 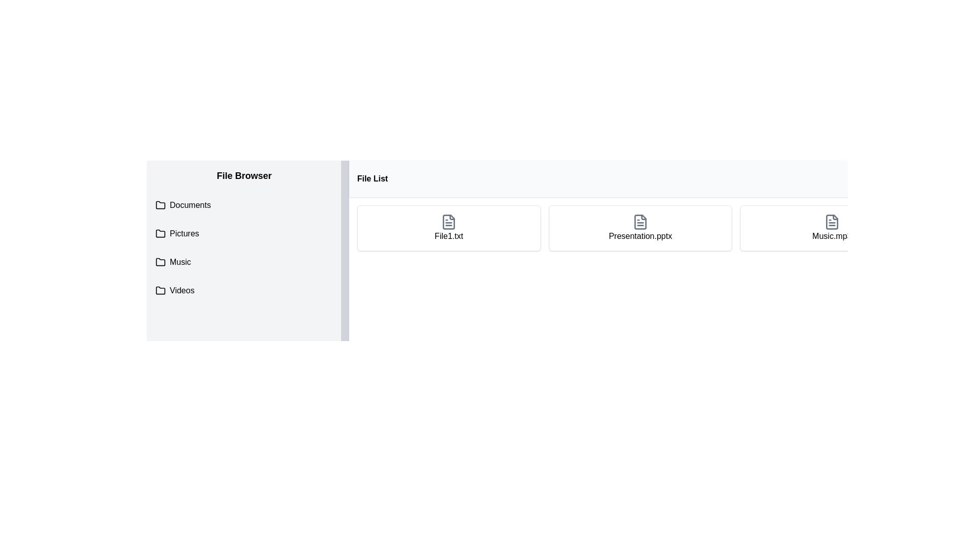 What do you see at coordinates (448, 221) in the screenshot?
I see `the document icon representing 'File1.txt' located above the label in the 'File List' section` at bounding box center [448, 221].